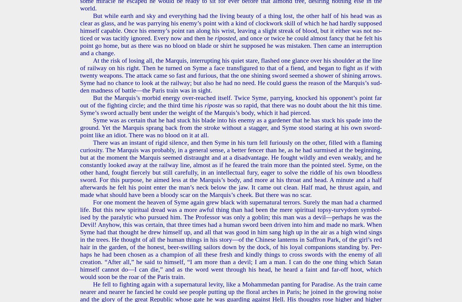 The image size is (462, 302). I want to click on 'For one mo­ment the heav­en of Syme again grew black with su­per­nat­ur­al ter­rors. Sure­ly the man had a charmed life. But this new spir­i­tu­al dread was a more awful thing than had been the mere spir­i­tu­al top­sy-turvy­dom sym­bol­ised by the par­a­lyt­ic who pur­sued him. The Pro­fes­sor was only a gob­lin; this man was a devil—per­haps he was the Devil! Any­how, this was cer­tain, that three times had a human sword been dri­ven into him and made no mark. When Syme had that thought he drew him­self up, and all that was good in him sang high up in the air as a high wind sings in the trees. He thought of all the human things in his story—of the Chi­nese lanterns in Saf­fron Park, of the girl’s red hair in the gar­den, of the hon­est, beer-swill­ing sailors down by the dock, of his loyal com­pan­ions stand­ing by. Per­haps he had been cho­sen as a cham­pi­on of all these fresh and kind­ly things to cross swords with the enemy of all cre­ation. “After all,” he said to him­self, “I am more than a devil; I am a man. I can do the one thing which Satan him­self can­not do—I can die,” and as the word went through his head, he heard a faint and far-off hoot, which would soon be the roar of the Paris train.', so click(231, 239).